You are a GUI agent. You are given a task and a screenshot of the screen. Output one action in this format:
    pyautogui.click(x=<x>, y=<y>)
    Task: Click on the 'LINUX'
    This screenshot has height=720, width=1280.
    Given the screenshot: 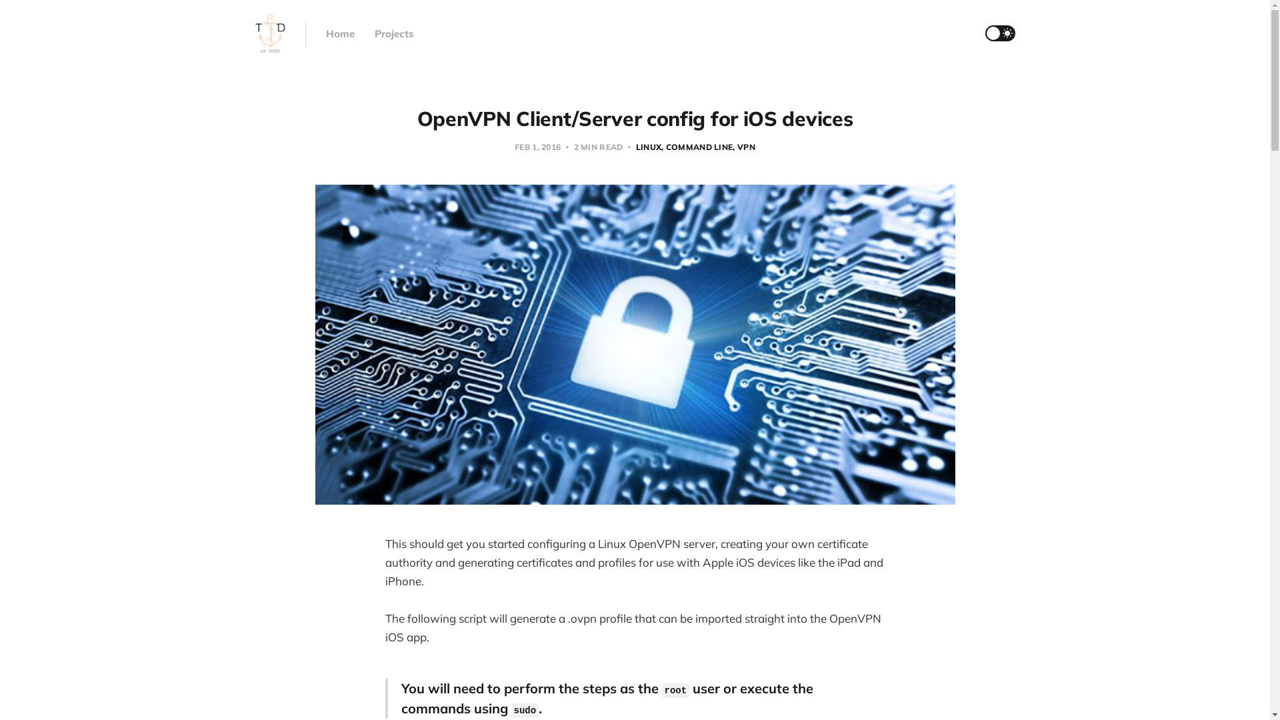 What is the action you would take?
    pyautogui.click(x=649, y=147)
    